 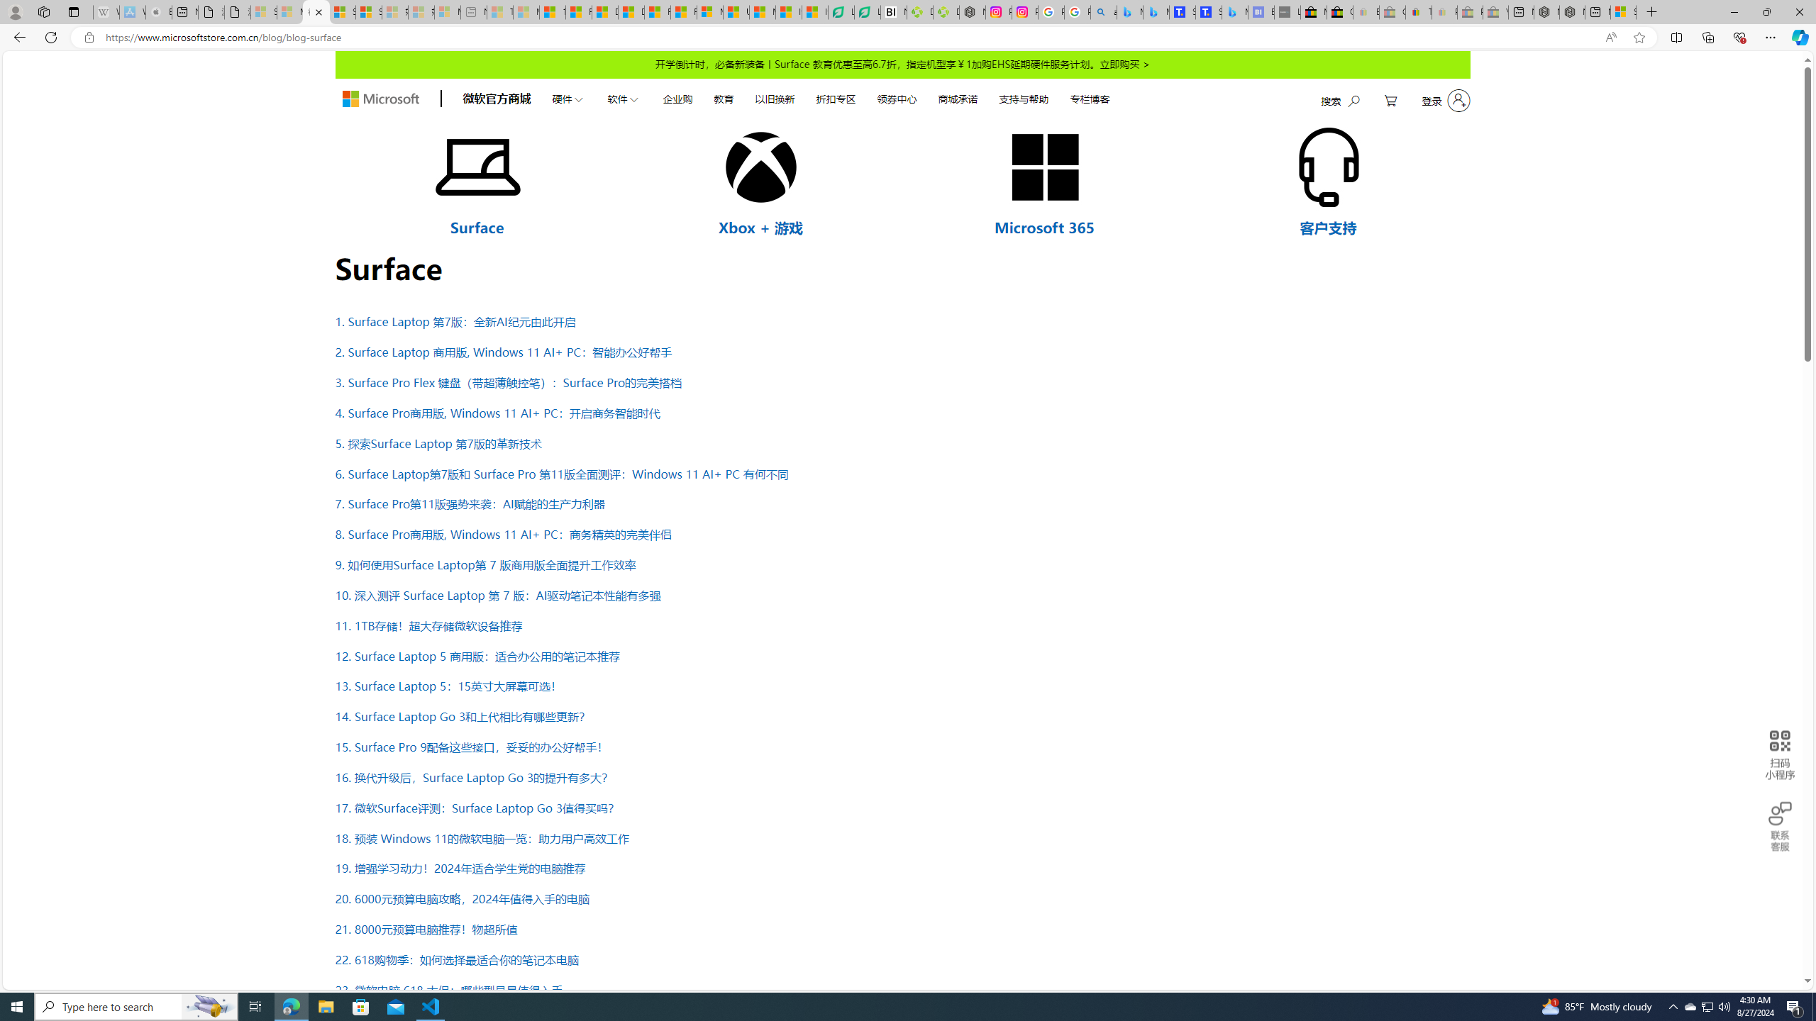 I want to click on 'LendingTree - Compare Lenders', so click(x=867, y=11).